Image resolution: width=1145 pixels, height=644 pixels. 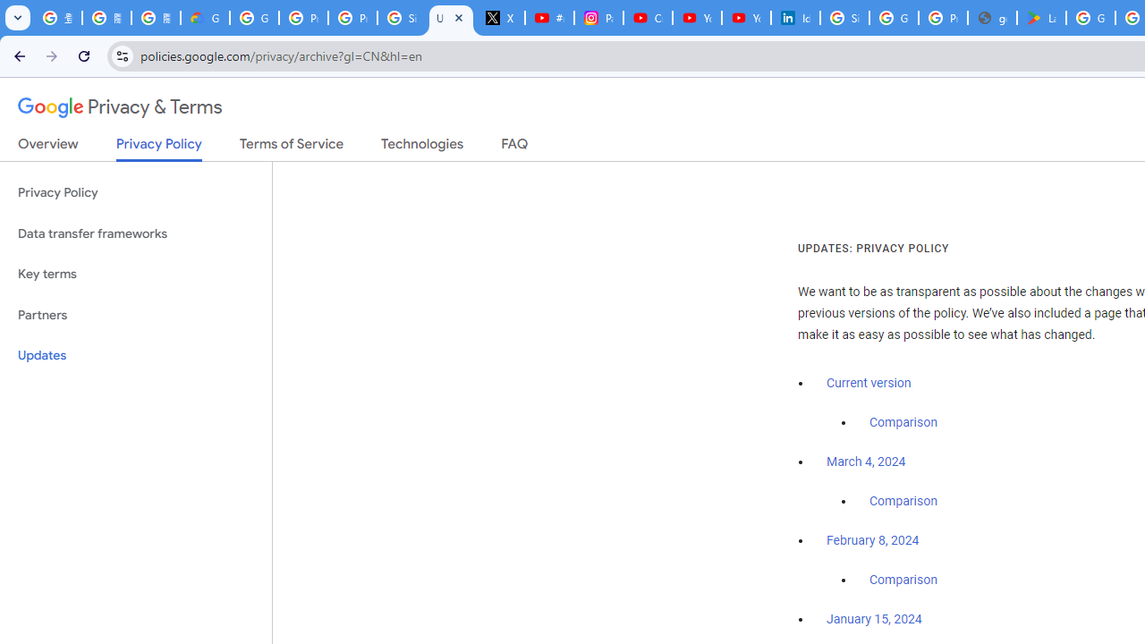 I want to click on 'google_privacy_policy_en.pdf', so click(x=991, y=18).